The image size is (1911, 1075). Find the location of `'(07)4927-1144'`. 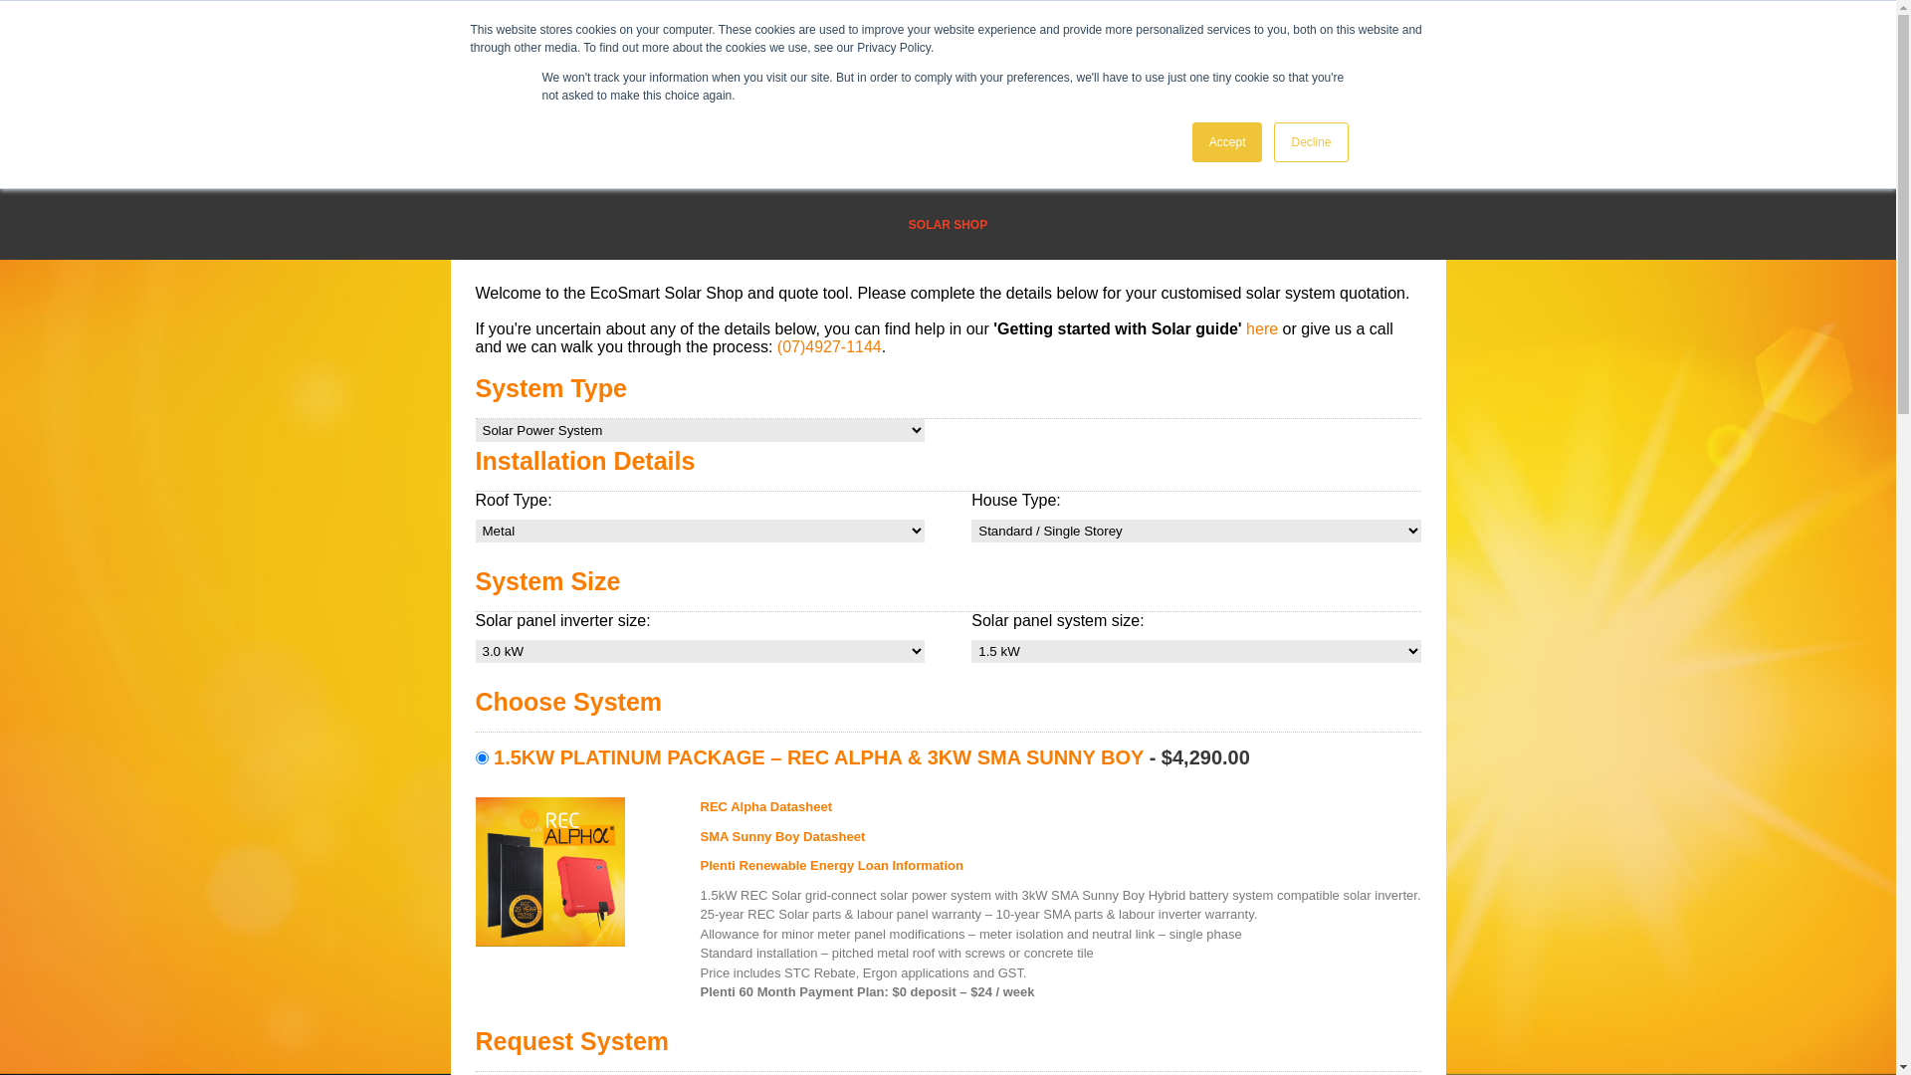

'(07)4927-1144' is located at coordinates (829, 345).